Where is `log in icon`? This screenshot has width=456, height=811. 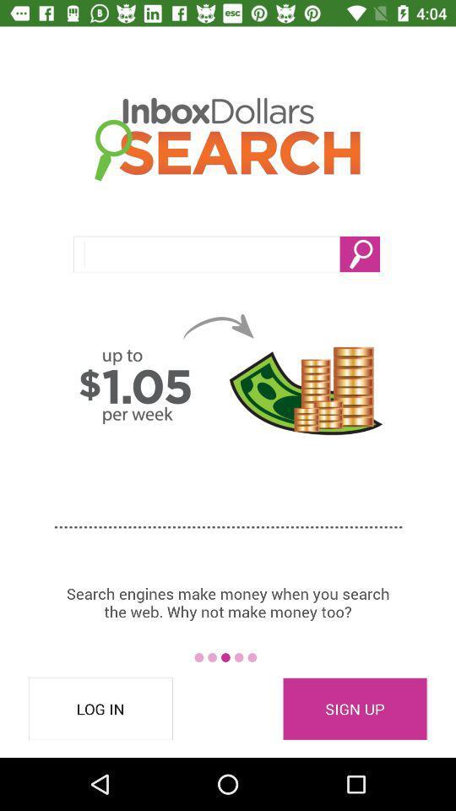 log in icon is located at coordinates (100, 709).